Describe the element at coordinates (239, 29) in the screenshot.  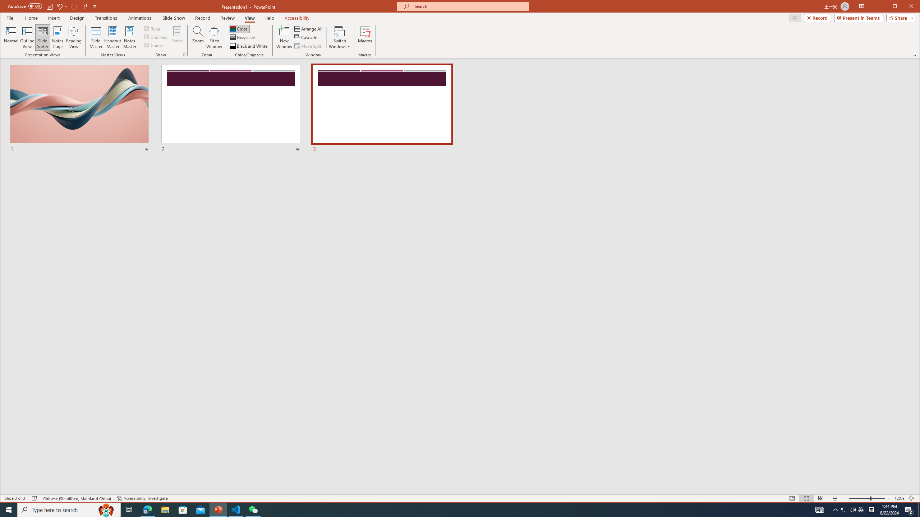
I see `'Color'` at that location.